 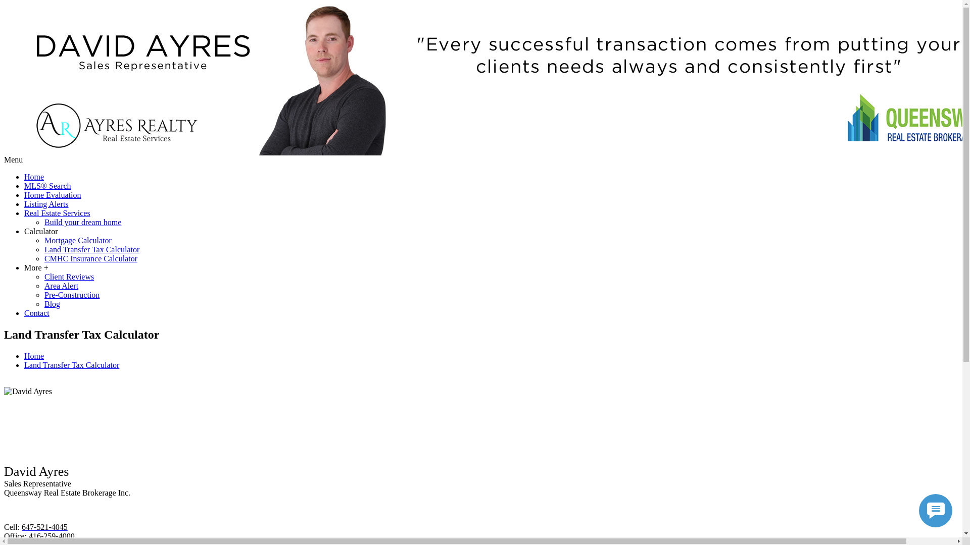 I want to click on 'More +', so click(x=36, y=267).